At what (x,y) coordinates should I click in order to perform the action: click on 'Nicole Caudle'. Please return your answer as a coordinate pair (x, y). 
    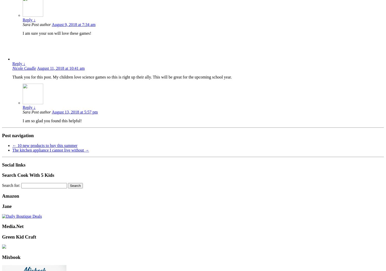
    Looking at the image, I should click on (24, 68).